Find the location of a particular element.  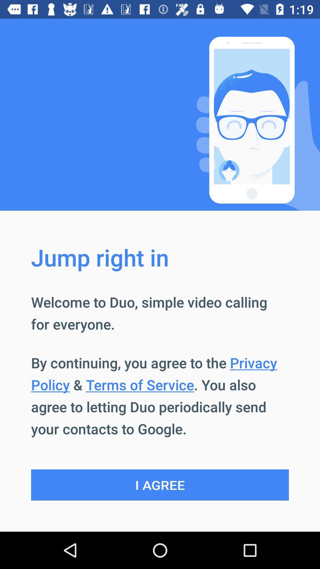

i agree item is located at coordinates (160, 485).